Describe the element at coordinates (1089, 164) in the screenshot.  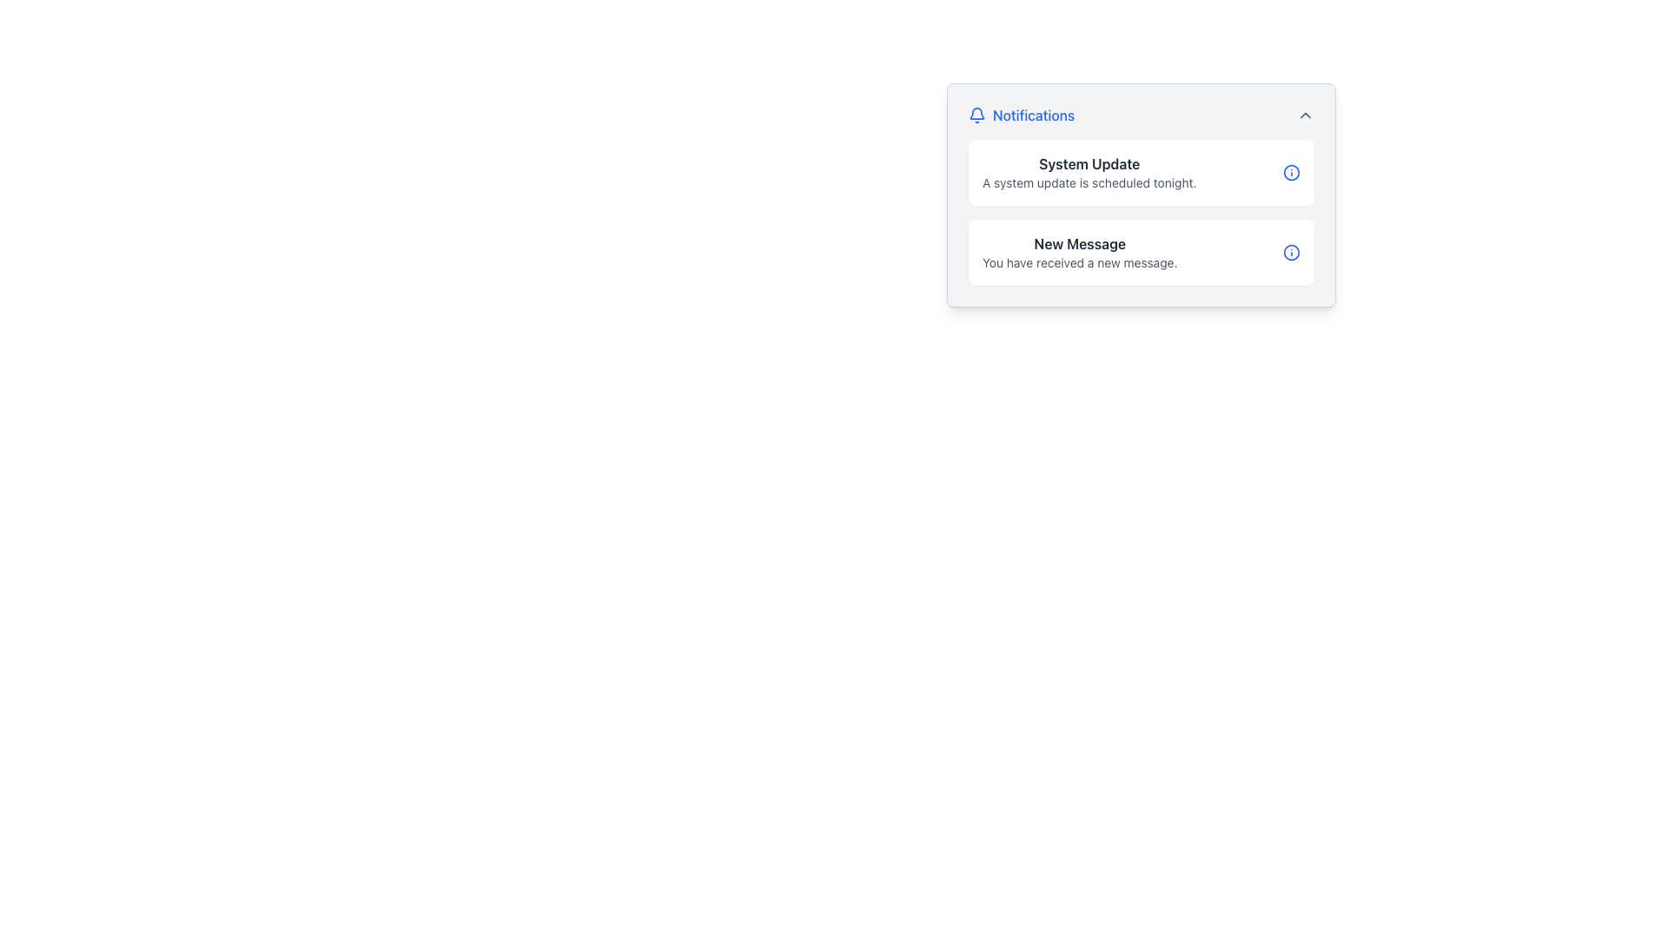
I see `the 'System Update' text label, which is styled in bold grayish-black font and serves as a heading in the notification panel` at that location.